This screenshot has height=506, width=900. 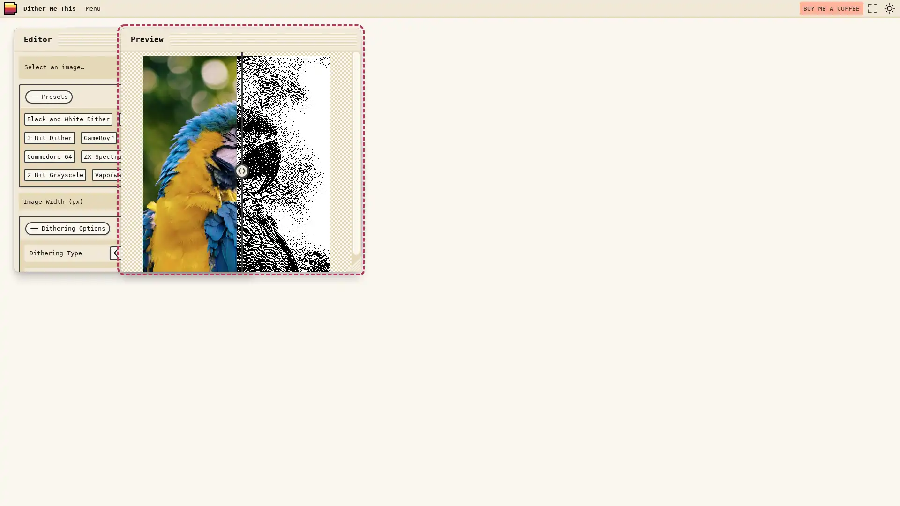 I want to click on GameBoyTM, so click(x=99, y=137).